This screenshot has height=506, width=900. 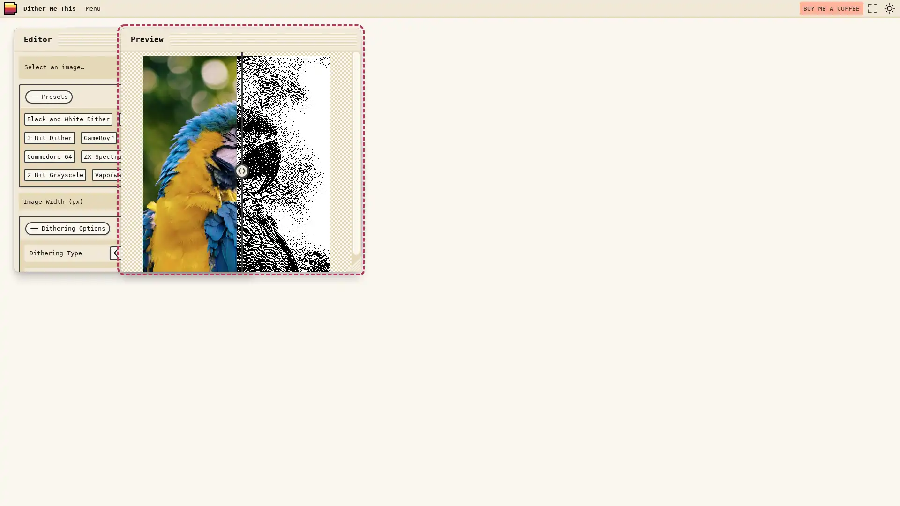 I want to click on GameBoyTM, so click(x=99, y=137).